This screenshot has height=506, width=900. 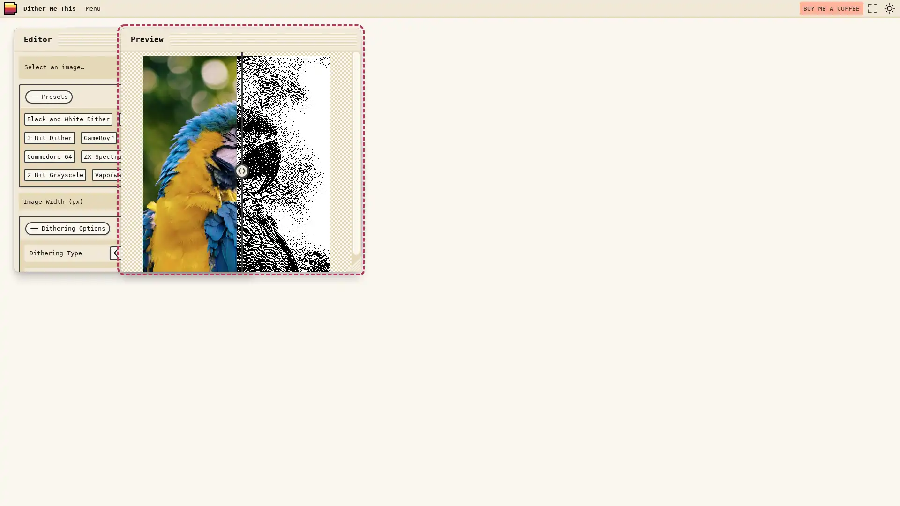 I want to click on GameBoyTM, so click(x=99, y=137).